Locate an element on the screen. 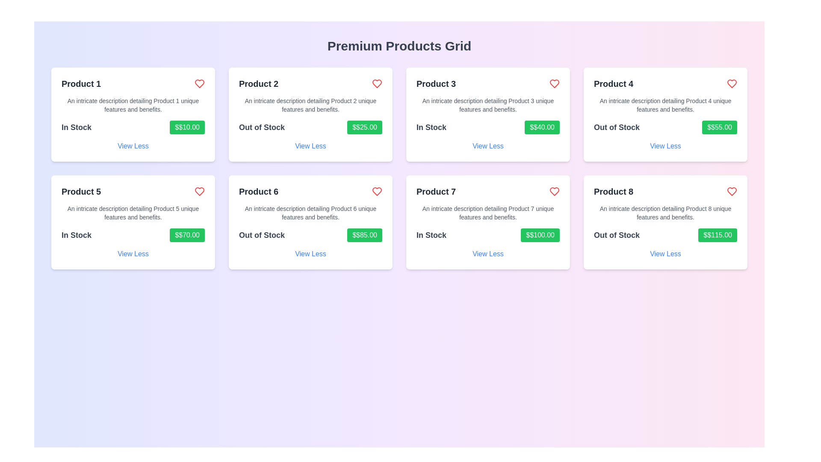 The image size is (821, 462). the text label indicating that 'Product 1' is available in stock, located at the bottom-left corner of the card labeled 'Product 1' is located at coordinates (76, 127).